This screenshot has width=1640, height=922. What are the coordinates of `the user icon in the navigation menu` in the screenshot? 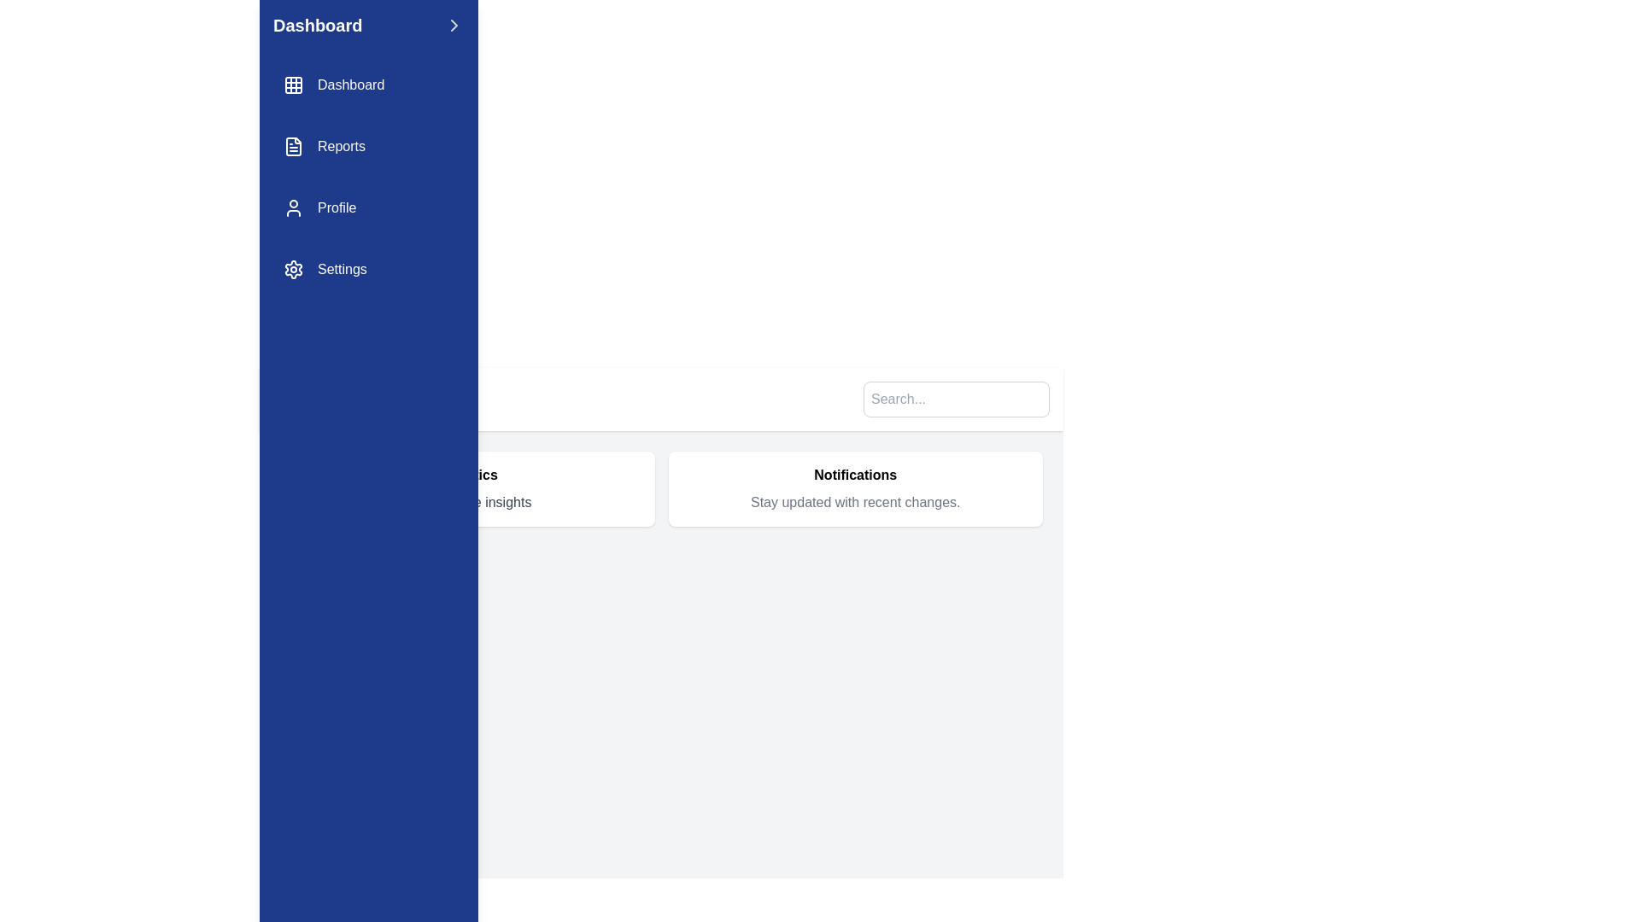 It's located at (294, 207).